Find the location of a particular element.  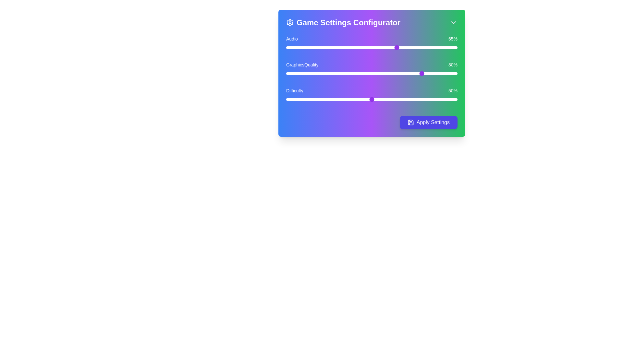

the difficulty slider is located at coordinates (315, 99).